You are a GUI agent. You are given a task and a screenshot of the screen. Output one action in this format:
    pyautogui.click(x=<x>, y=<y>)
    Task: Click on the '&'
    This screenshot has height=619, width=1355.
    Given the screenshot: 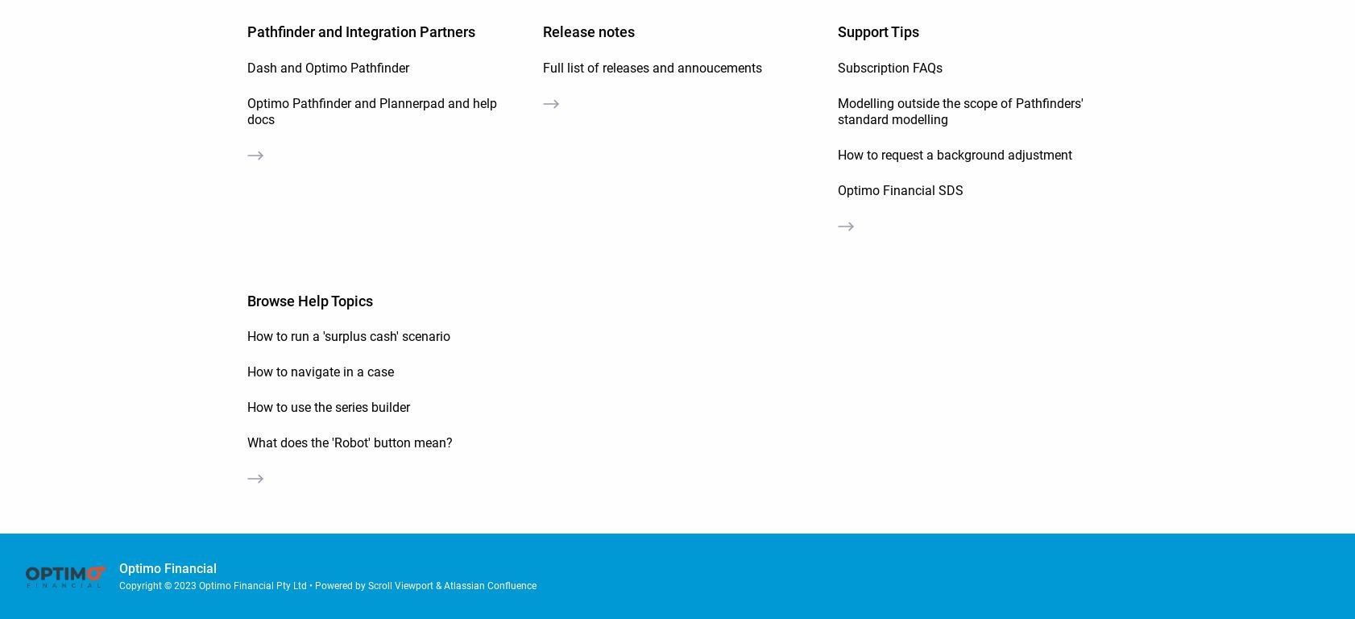 What is the action you would take?
    pyautogui.click(x=439, y=584)
    